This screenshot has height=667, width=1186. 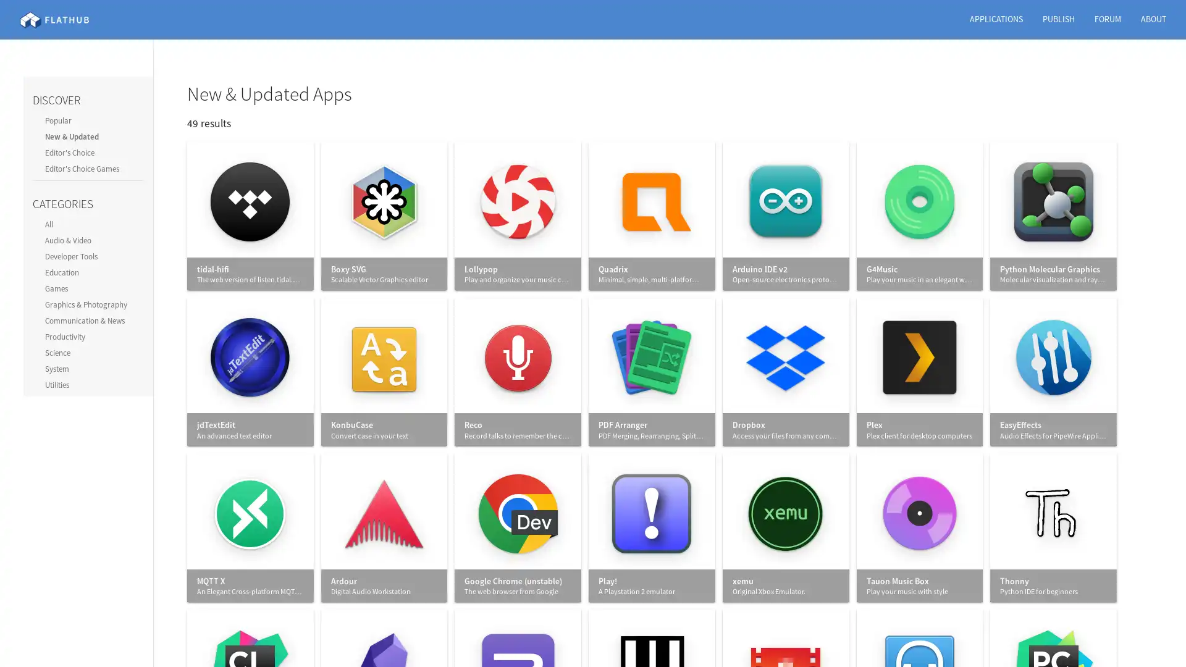 I want to click on APPLICATIONS, so click(x=996, y=19).